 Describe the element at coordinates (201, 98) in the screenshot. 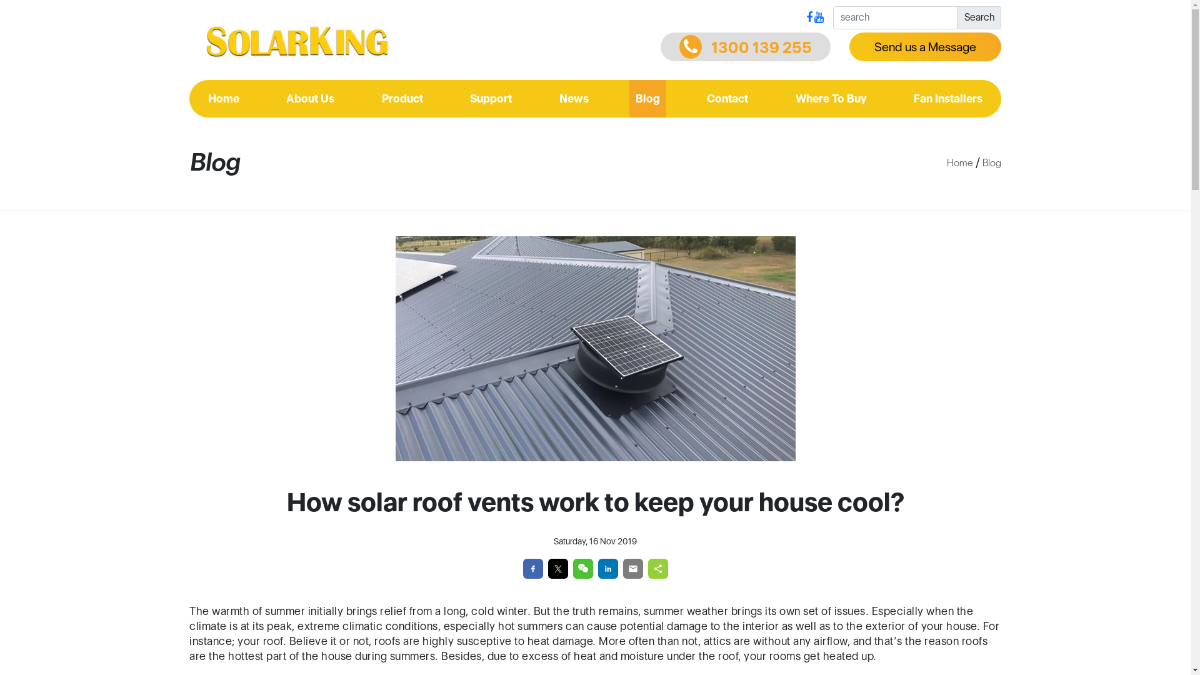

I see `'Home'` at that location.